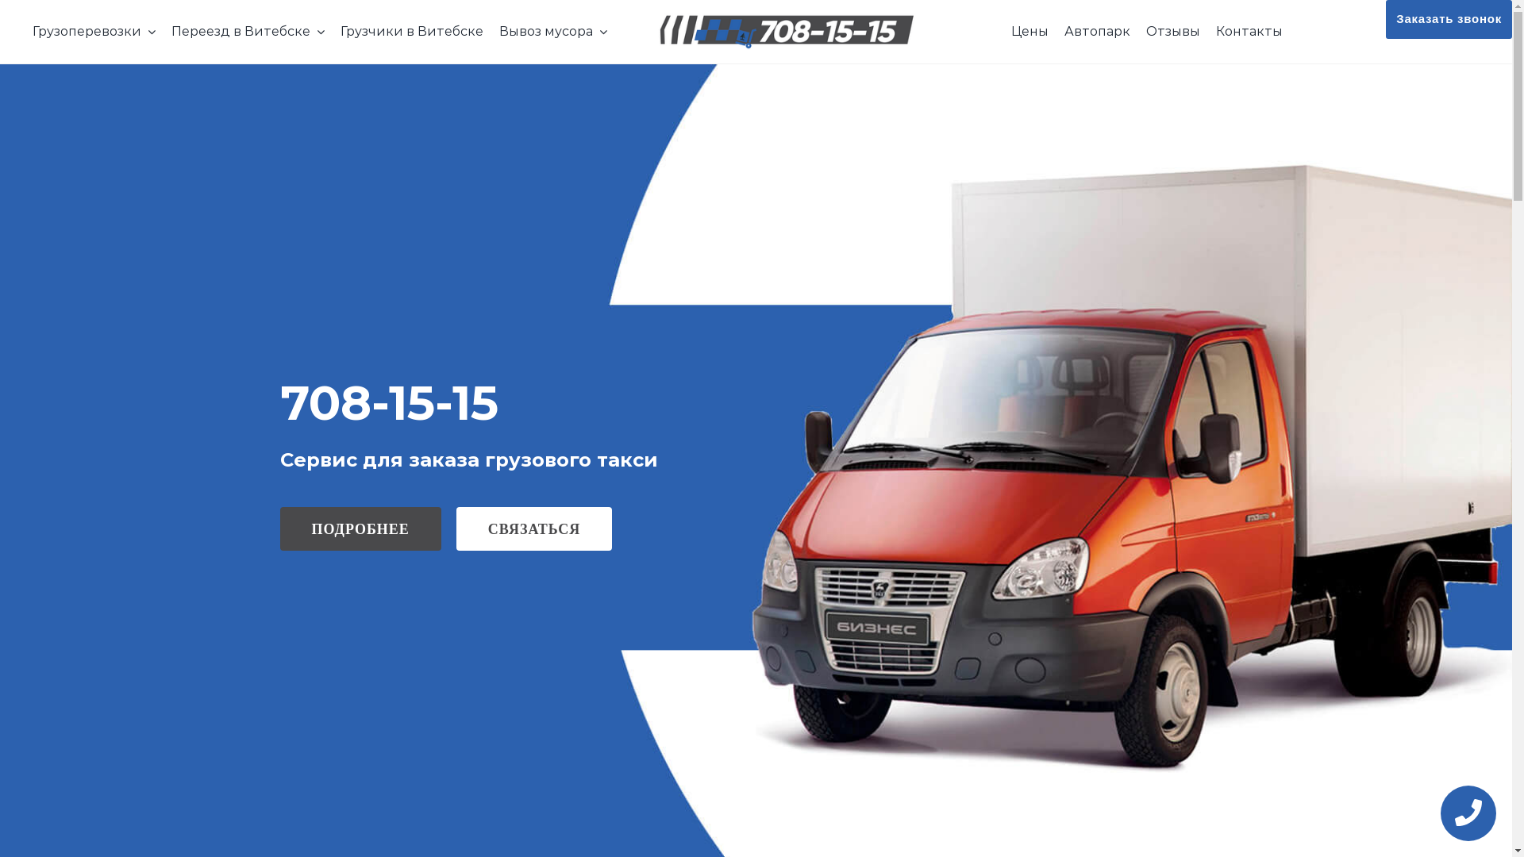 Image resolution: width=1524 pixels, height=857 pixels. Describe the element at coordinates (279, 401) in the screenshot. I see `'708-15-15'` at that location.